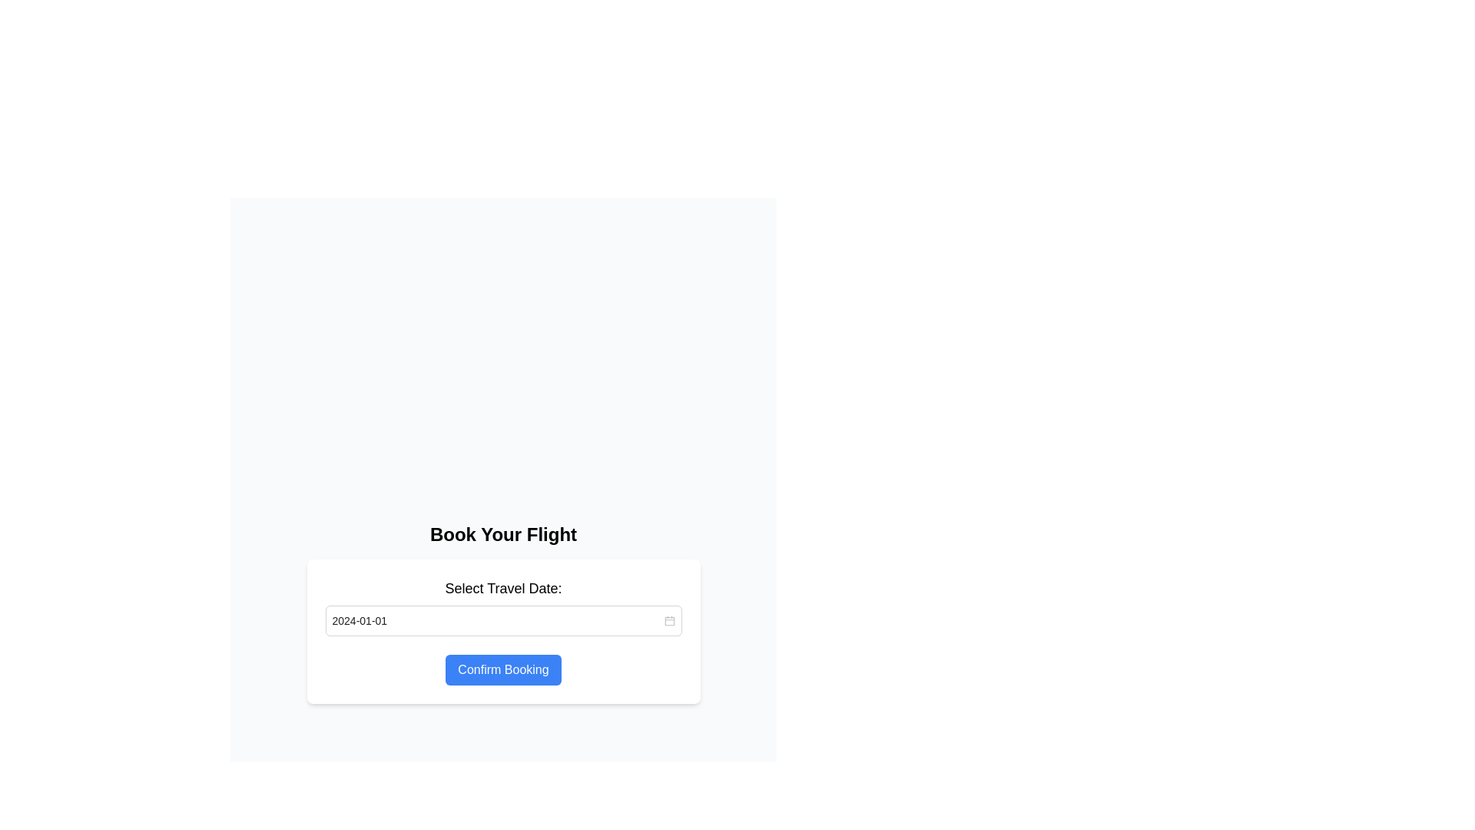 Image resolution: width=1475 pixels, height=830 pixels. Describe the element at coordinates (503, 588) in the screenshot. I see `the Text Label that indicates the travel date selection for the date input field` at that location.